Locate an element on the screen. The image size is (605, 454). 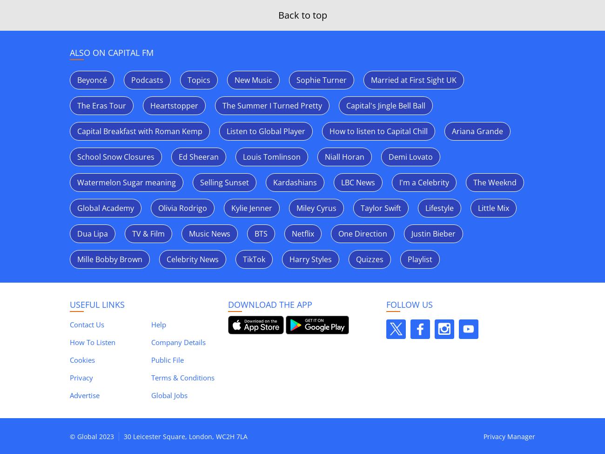
'Quizzes' is located at coordinates (369, 259).